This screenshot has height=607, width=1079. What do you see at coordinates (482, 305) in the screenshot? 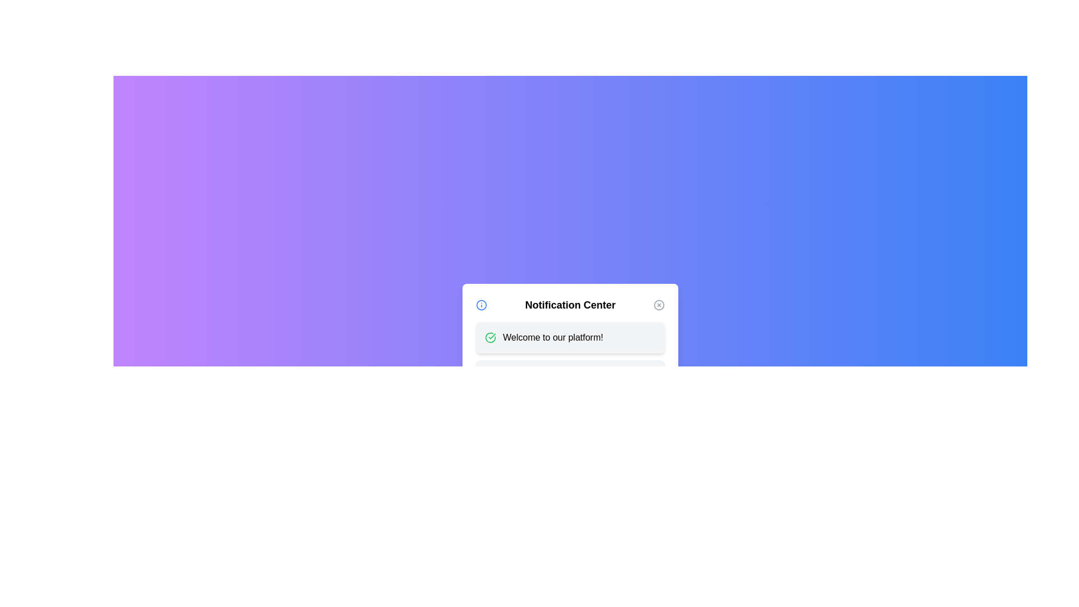
I see `the informational icon located to the left of the 'Notification Center' text in the header section, which serves as a visual cue for users` at bounding box center [482, 305].